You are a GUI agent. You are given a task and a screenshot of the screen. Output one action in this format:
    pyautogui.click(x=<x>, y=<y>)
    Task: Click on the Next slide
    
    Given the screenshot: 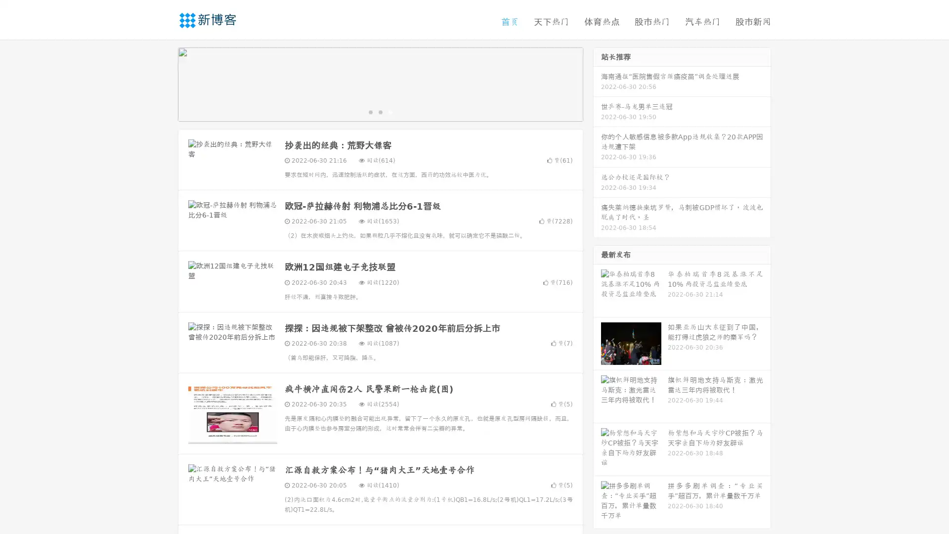 What is the action you would take?
    pyautogui.click(x=597, y=83)
    